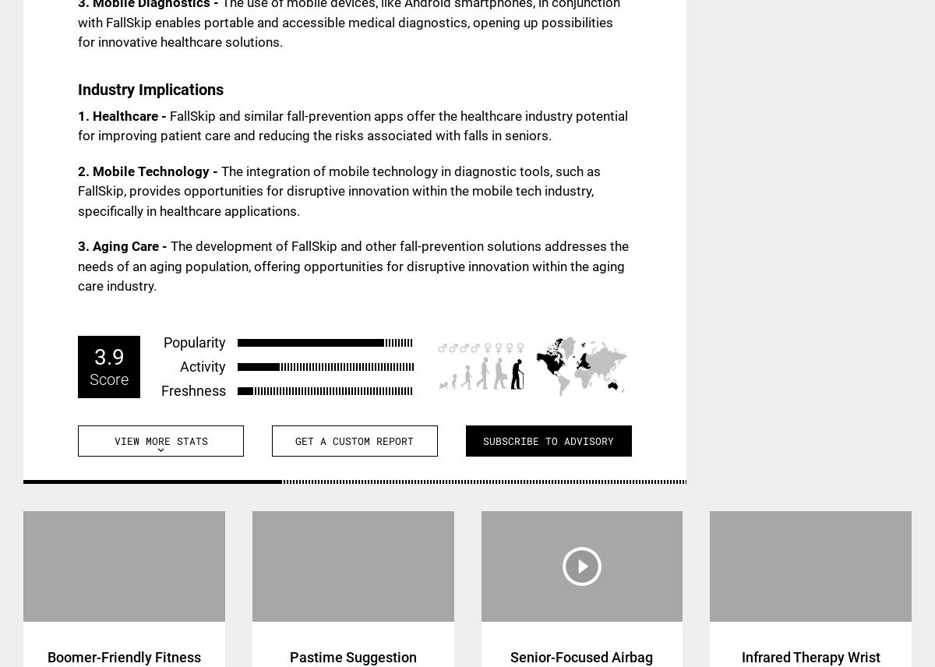 The width and height of the screenshot is (935, 667). What do you see at coordinates (123, 246) in the screenshot?
I see `'3. Aging Care -'` at bounding box center [123, 246].